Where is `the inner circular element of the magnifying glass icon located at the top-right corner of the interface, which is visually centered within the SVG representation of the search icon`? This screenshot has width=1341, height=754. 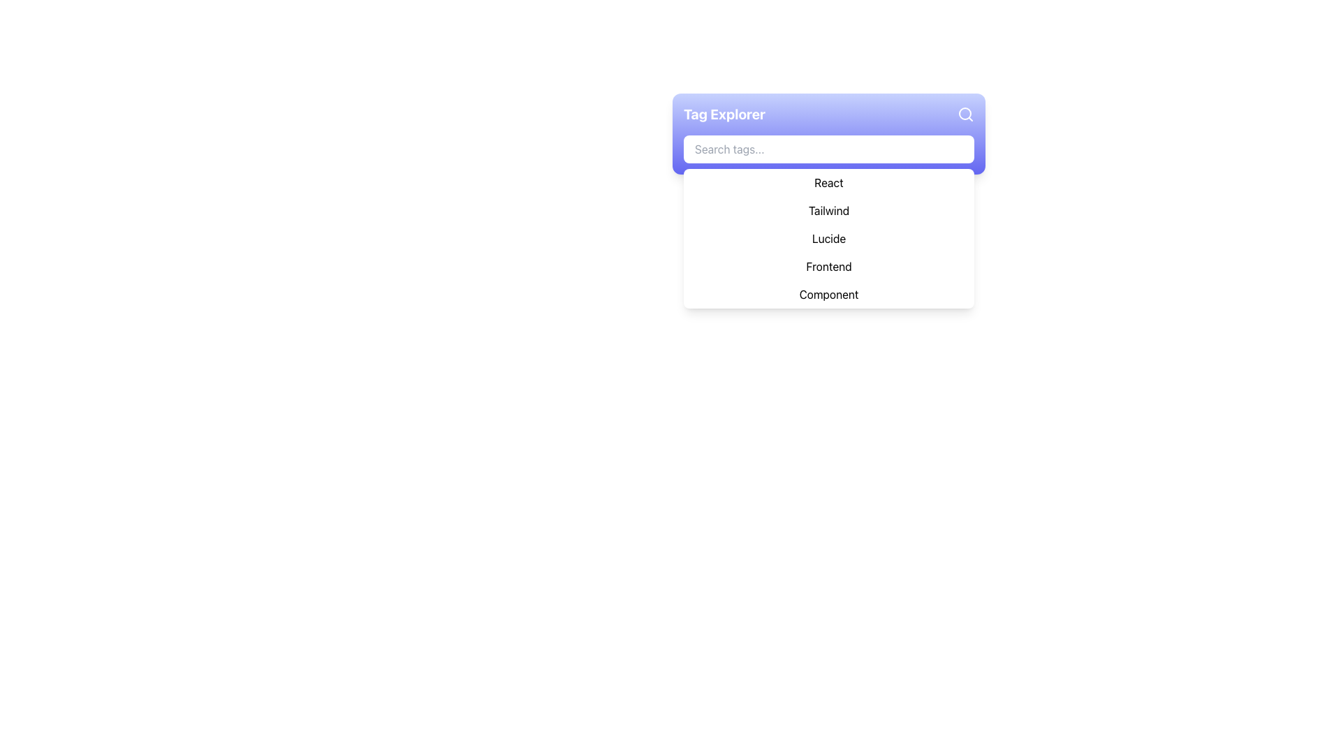
the inner circular element of the magnifying glass icon located at the top-right corner of the interface, which is visually centered within the SVG representation of the search icon is located at coordinates (965, 112).